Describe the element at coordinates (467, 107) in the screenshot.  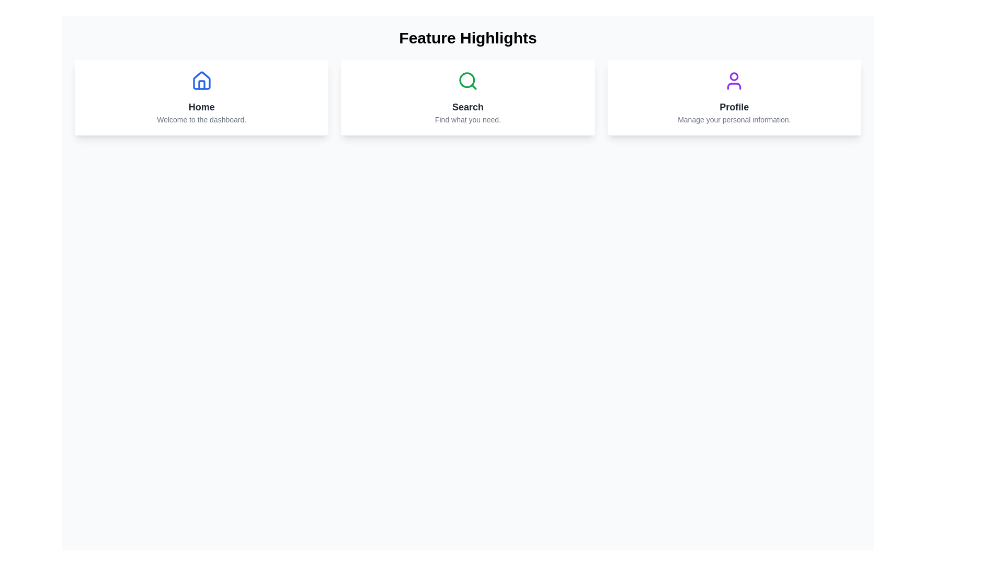
I see `the descriptive text label indicating the 'Search' feature located in the middle card of the three-card layout, positioned below the green search icon and above the subtitle 'Find what you need.'` at that location.